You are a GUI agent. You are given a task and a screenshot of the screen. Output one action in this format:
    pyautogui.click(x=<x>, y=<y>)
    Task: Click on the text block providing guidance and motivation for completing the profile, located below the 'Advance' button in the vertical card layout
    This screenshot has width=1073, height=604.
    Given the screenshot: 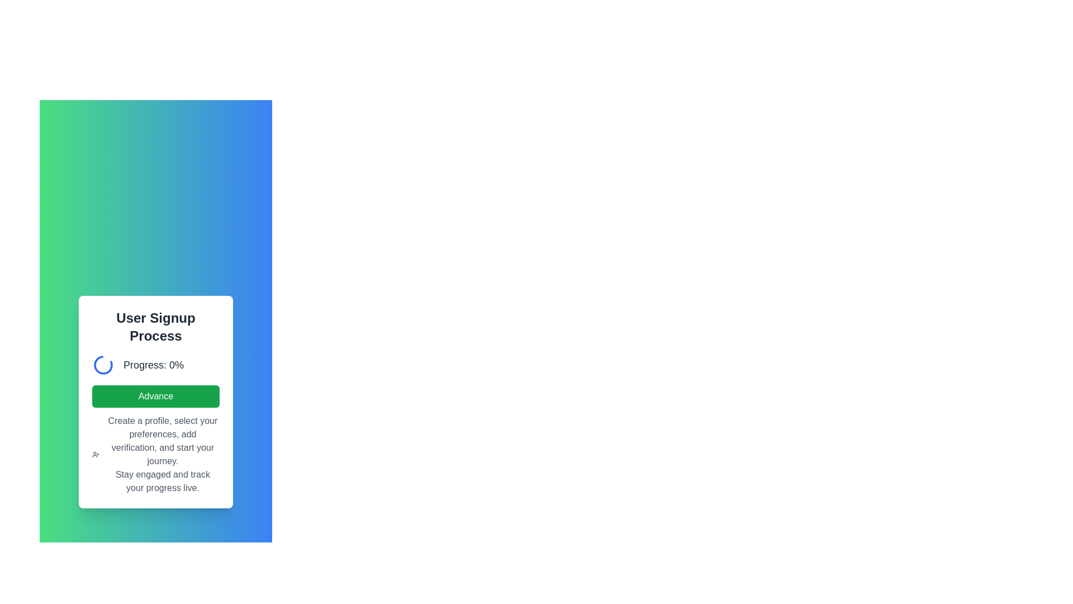 What is the action you would take?
    pyautogui.click(x=155, y=455)
    